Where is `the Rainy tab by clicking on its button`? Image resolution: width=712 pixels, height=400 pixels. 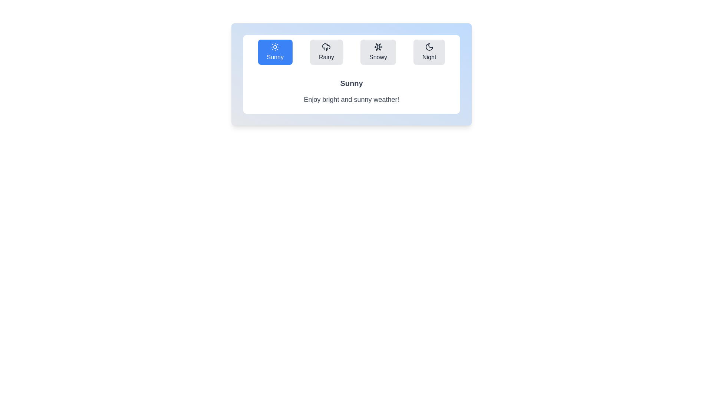
the Rainy tab by clicking on its button is located at coordinates (326, 52).